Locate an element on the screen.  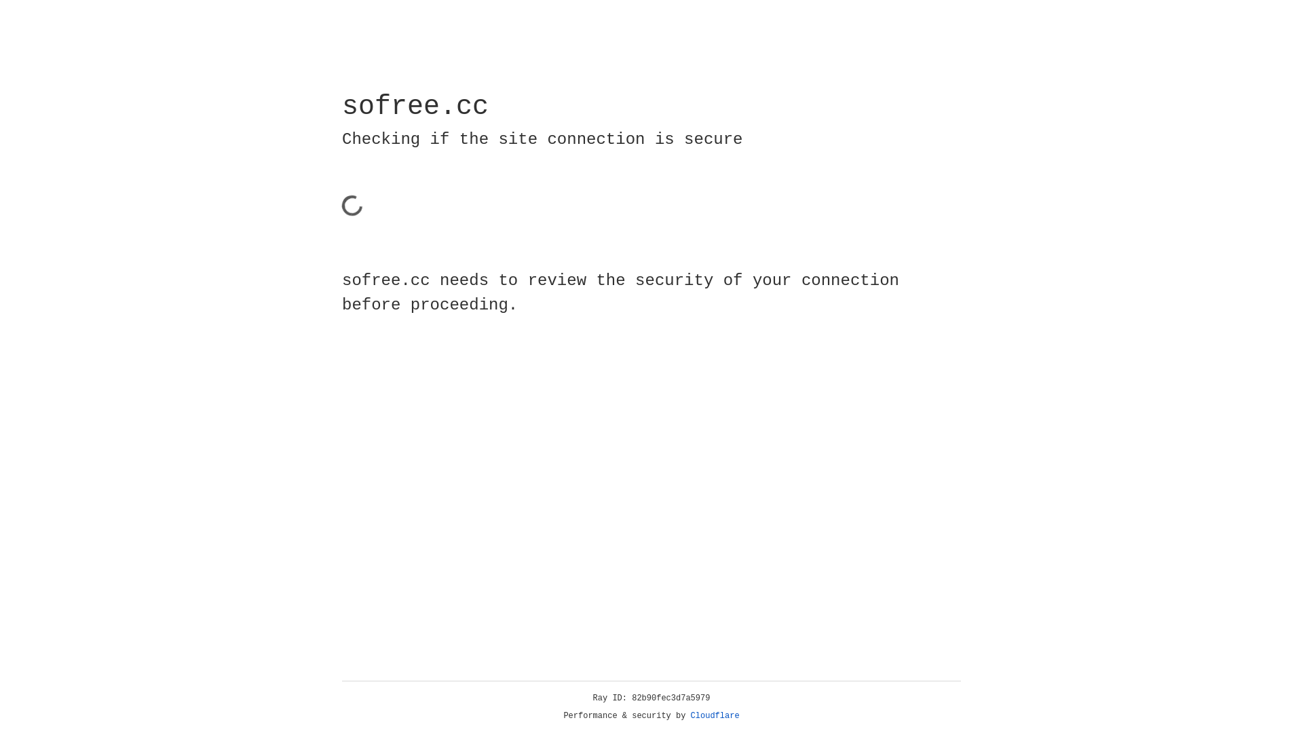
'Cloudflare' is located at coordinates (715, 715).